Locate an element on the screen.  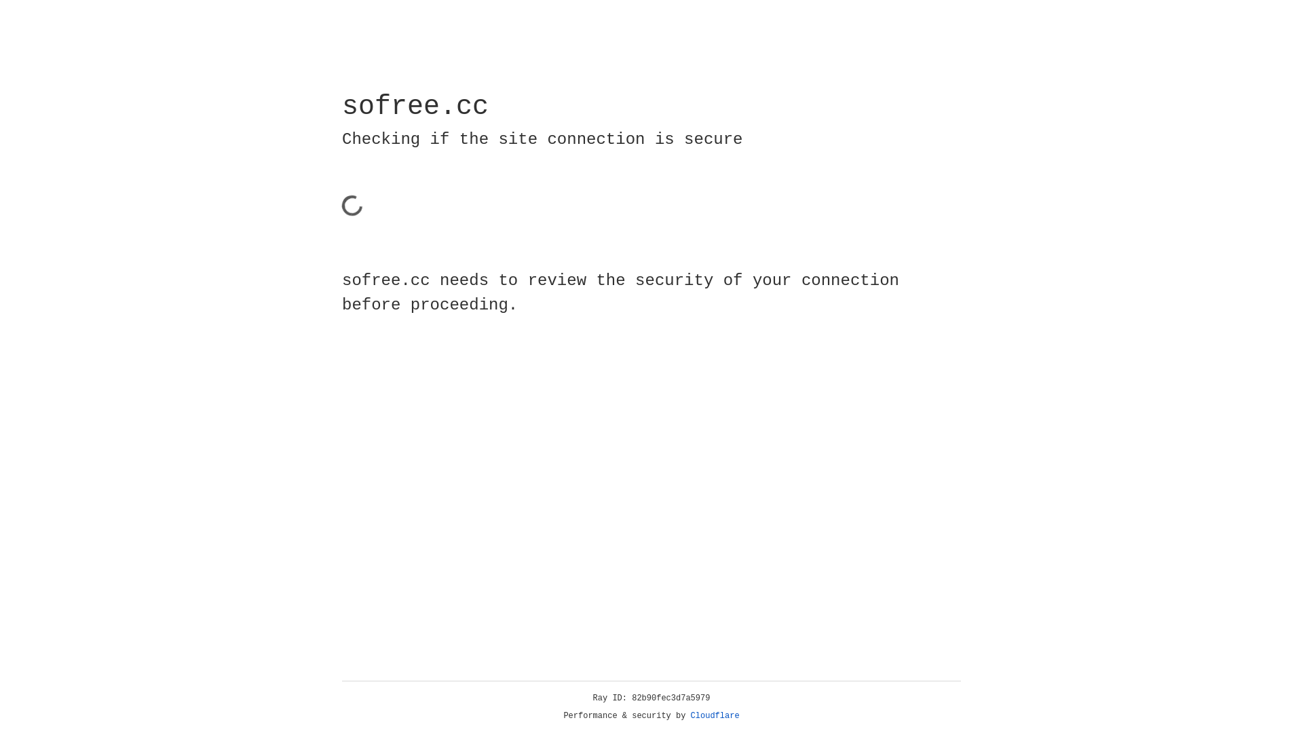
'Cloudflare' is located at coordinates (715, 715).